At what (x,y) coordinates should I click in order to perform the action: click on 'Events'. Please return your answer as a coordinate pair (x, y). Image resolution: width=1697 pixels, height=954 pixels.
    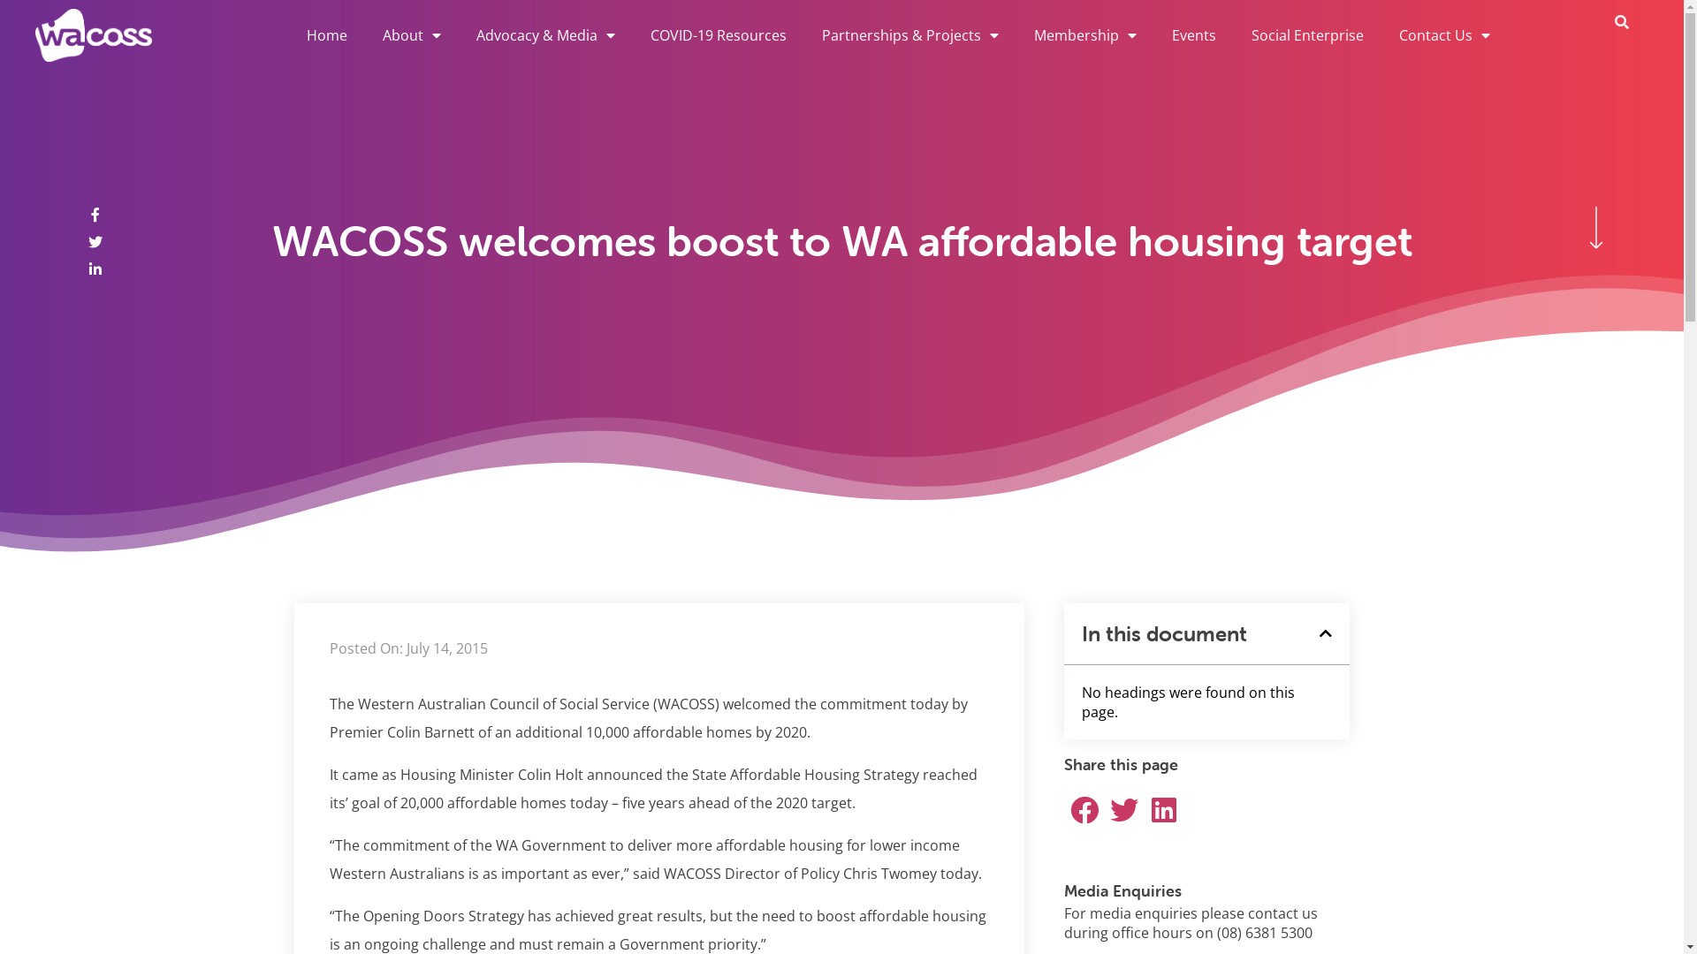
    Looking at the image, I should click on (1193, 35).